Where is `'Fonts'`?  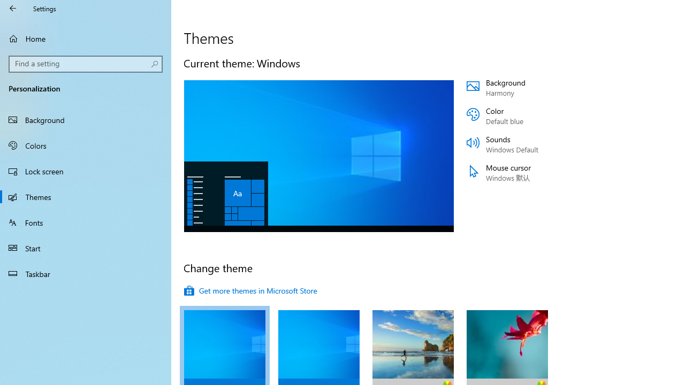 'Fonts' is located at coordinates (86, 221).